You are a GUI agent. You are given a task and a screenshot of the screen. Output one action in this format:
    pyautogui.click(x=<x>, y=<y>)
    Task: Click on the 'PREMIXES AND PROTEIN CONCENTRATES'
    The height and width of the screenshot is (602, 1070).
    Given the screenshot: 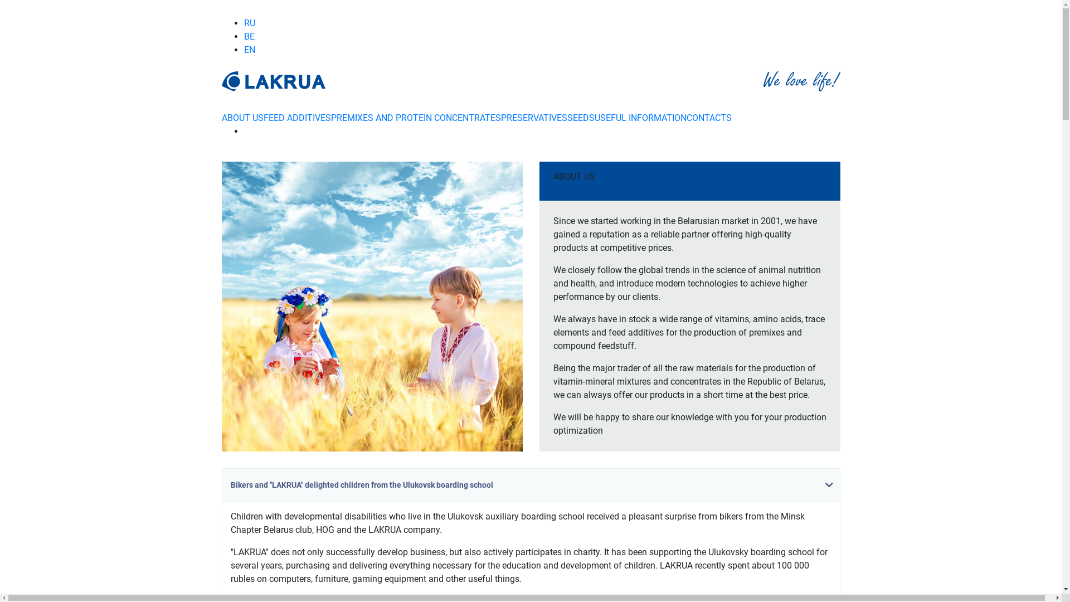 What is the action you would take?
    pyautogui.click(x=415, y=118)
    